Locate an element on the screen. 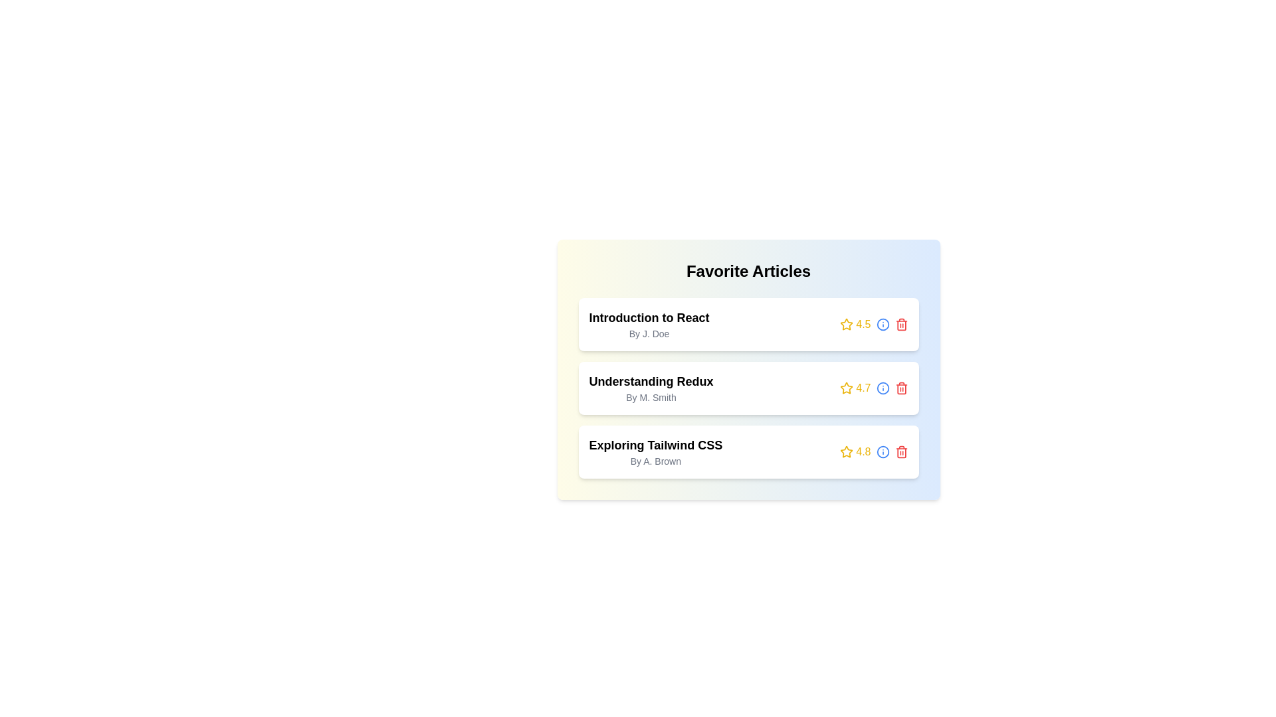  the article title to select or highlight it. The parameter Exploring Tailwind CSS specifies the title of the article to interact with is located at coordinates (655, 445).